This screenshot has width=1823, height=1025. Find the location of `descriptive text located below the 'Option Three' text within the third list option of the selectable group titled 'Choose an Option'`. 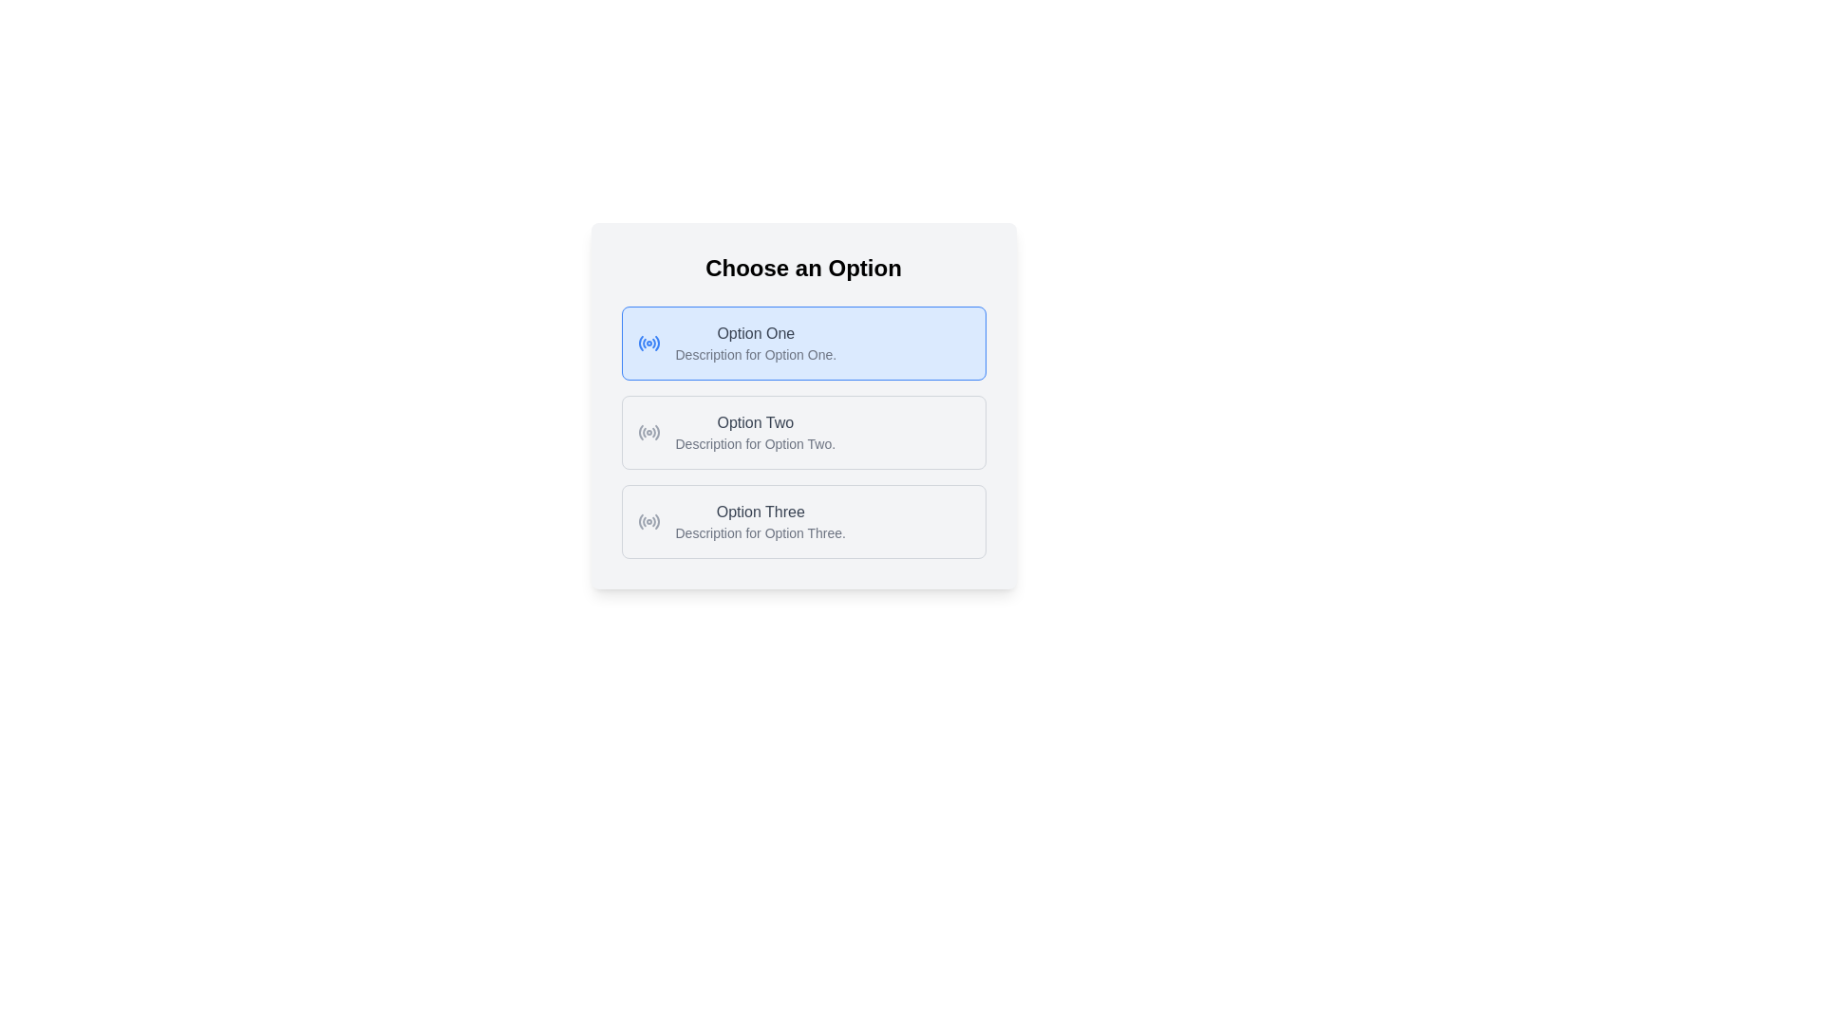

descriptive text located below the 'Option Three' text within the third list option of the selectable group titled 'Choose an Option' is located at coordinates (761, 533).